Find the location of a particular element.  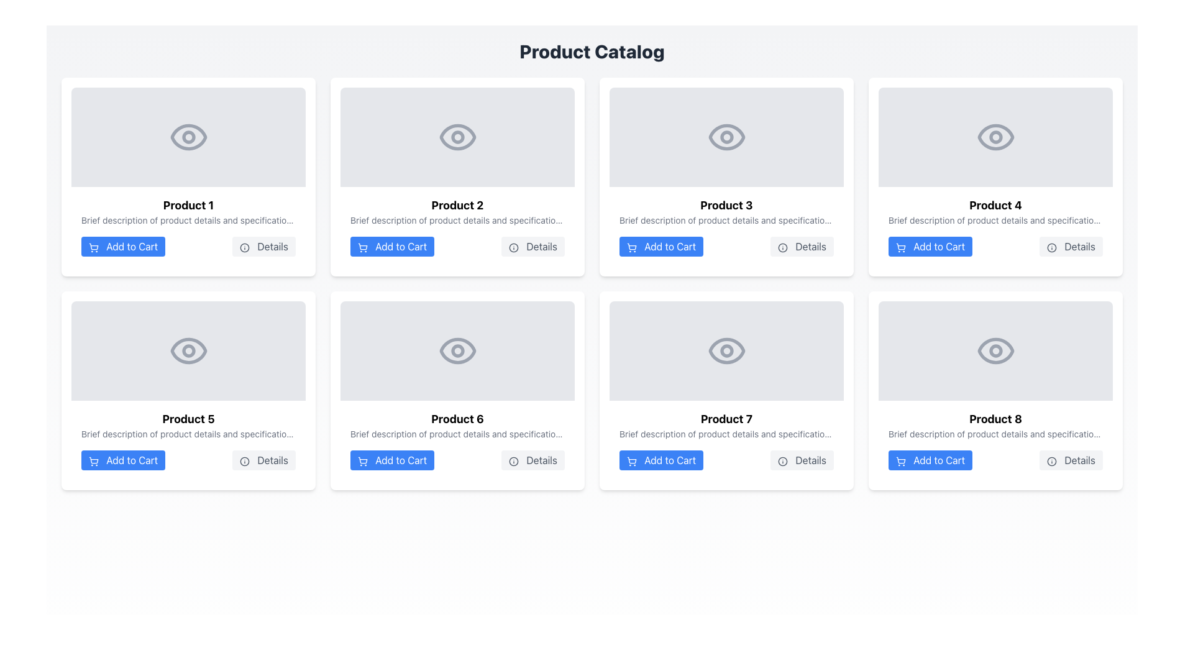

the icon located inside the 'Details' button at the bottom-right of the Product 5 card in the grid layout is located at coordinates (245, 461).